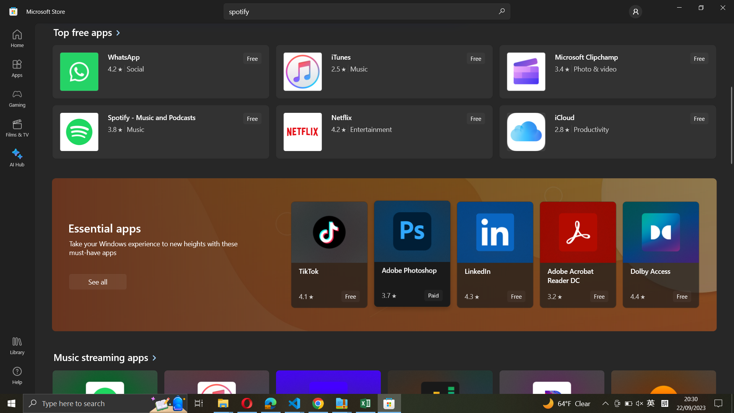 This screenshot has height=413, width=734. I want to click on the Top Free Apps option, so click(87, 33).